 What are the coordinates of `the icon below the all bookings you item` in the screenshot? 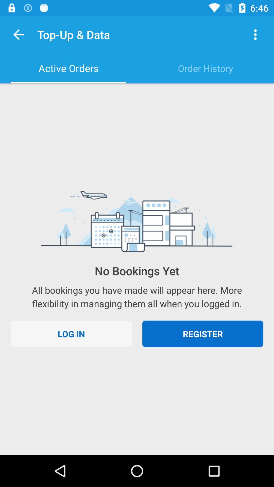 It's located at (202, 334).